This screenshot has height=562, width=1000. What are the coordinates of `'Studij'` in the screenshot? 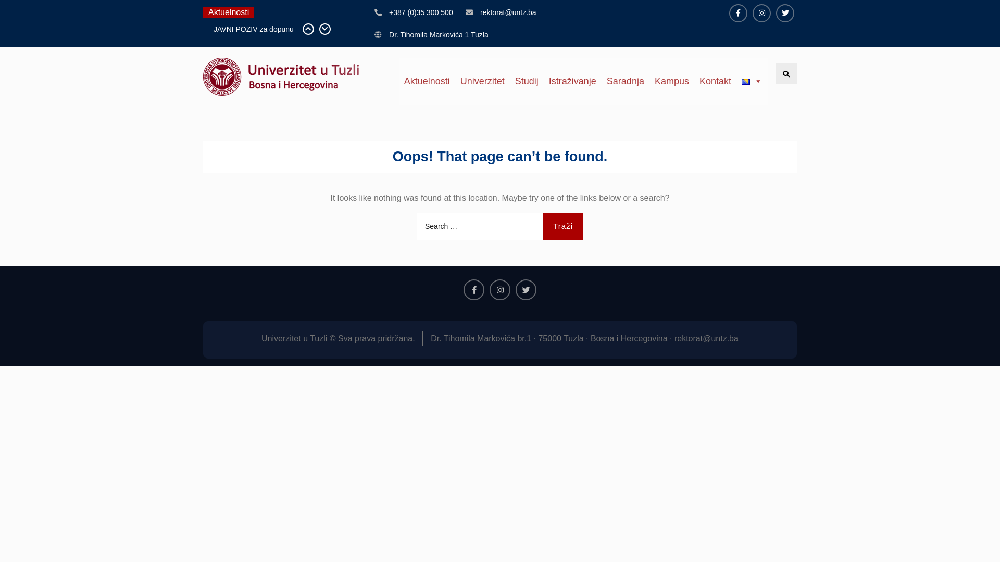 It's located at (527, 80).